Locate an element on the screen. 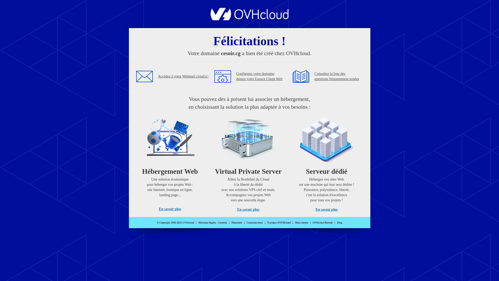 Image resolution: width=499 pixels, height=281 pixels. 'OVHcloud Recrute' is located at coordinates (322, 222).